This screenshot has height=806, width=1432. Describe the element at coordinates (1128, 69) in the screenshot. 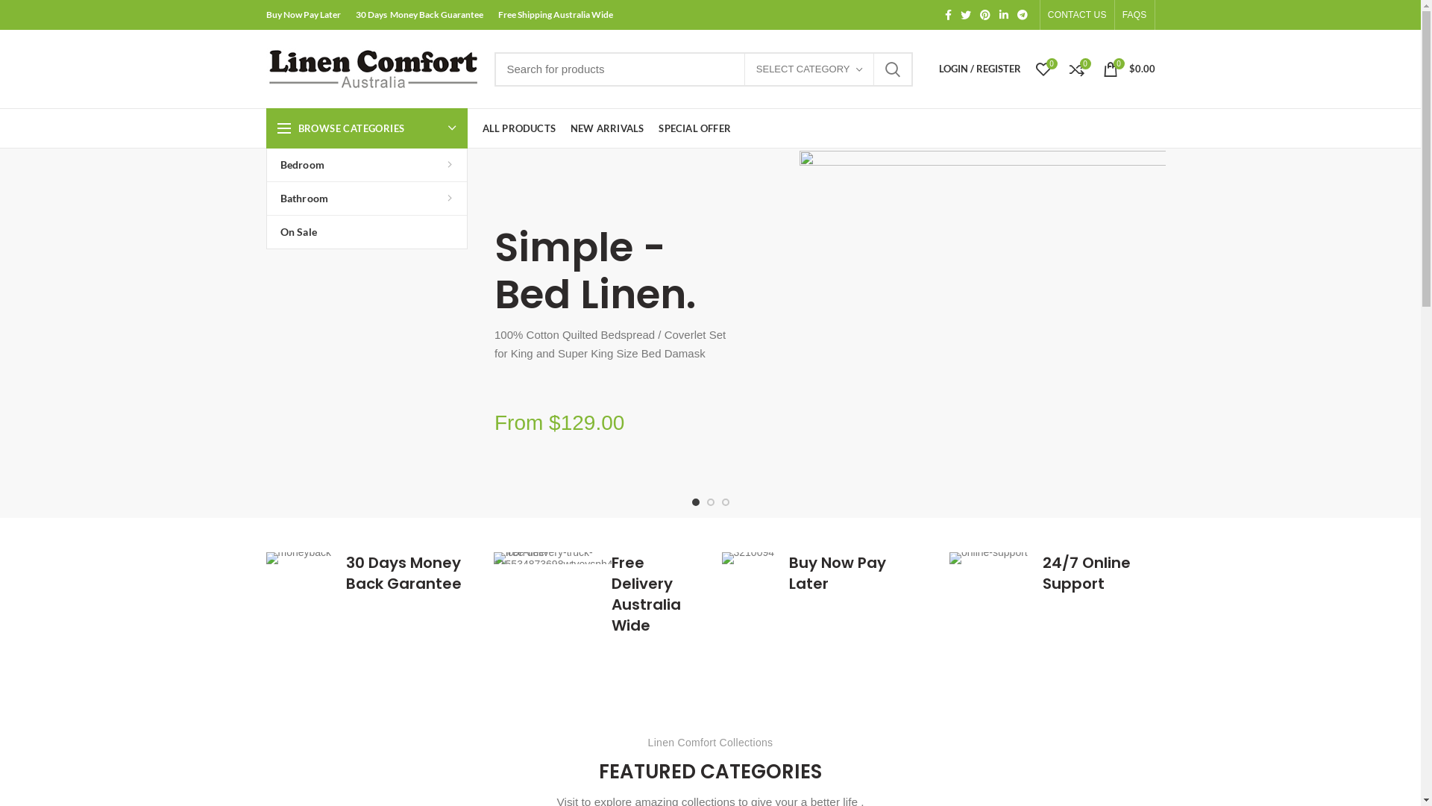

I see `'0` at that location.